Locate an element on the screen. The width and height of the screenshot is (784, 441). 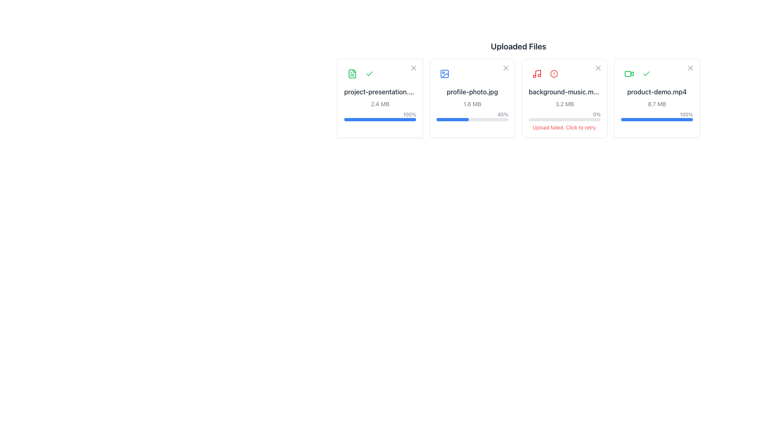
the close button located at the top-right corner of the file preview card displaying 'background-music.mp3' is located at coordinates (598, 69).